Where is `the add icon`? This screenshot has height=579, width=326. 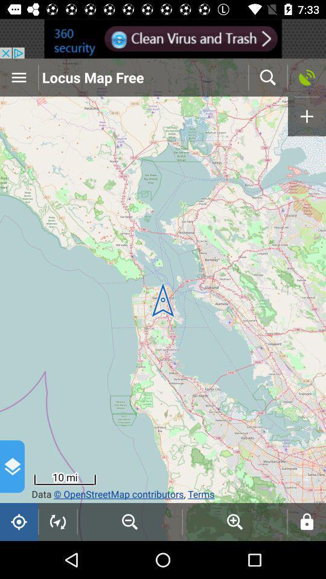
the add icon is located at coordinates (307, 116).